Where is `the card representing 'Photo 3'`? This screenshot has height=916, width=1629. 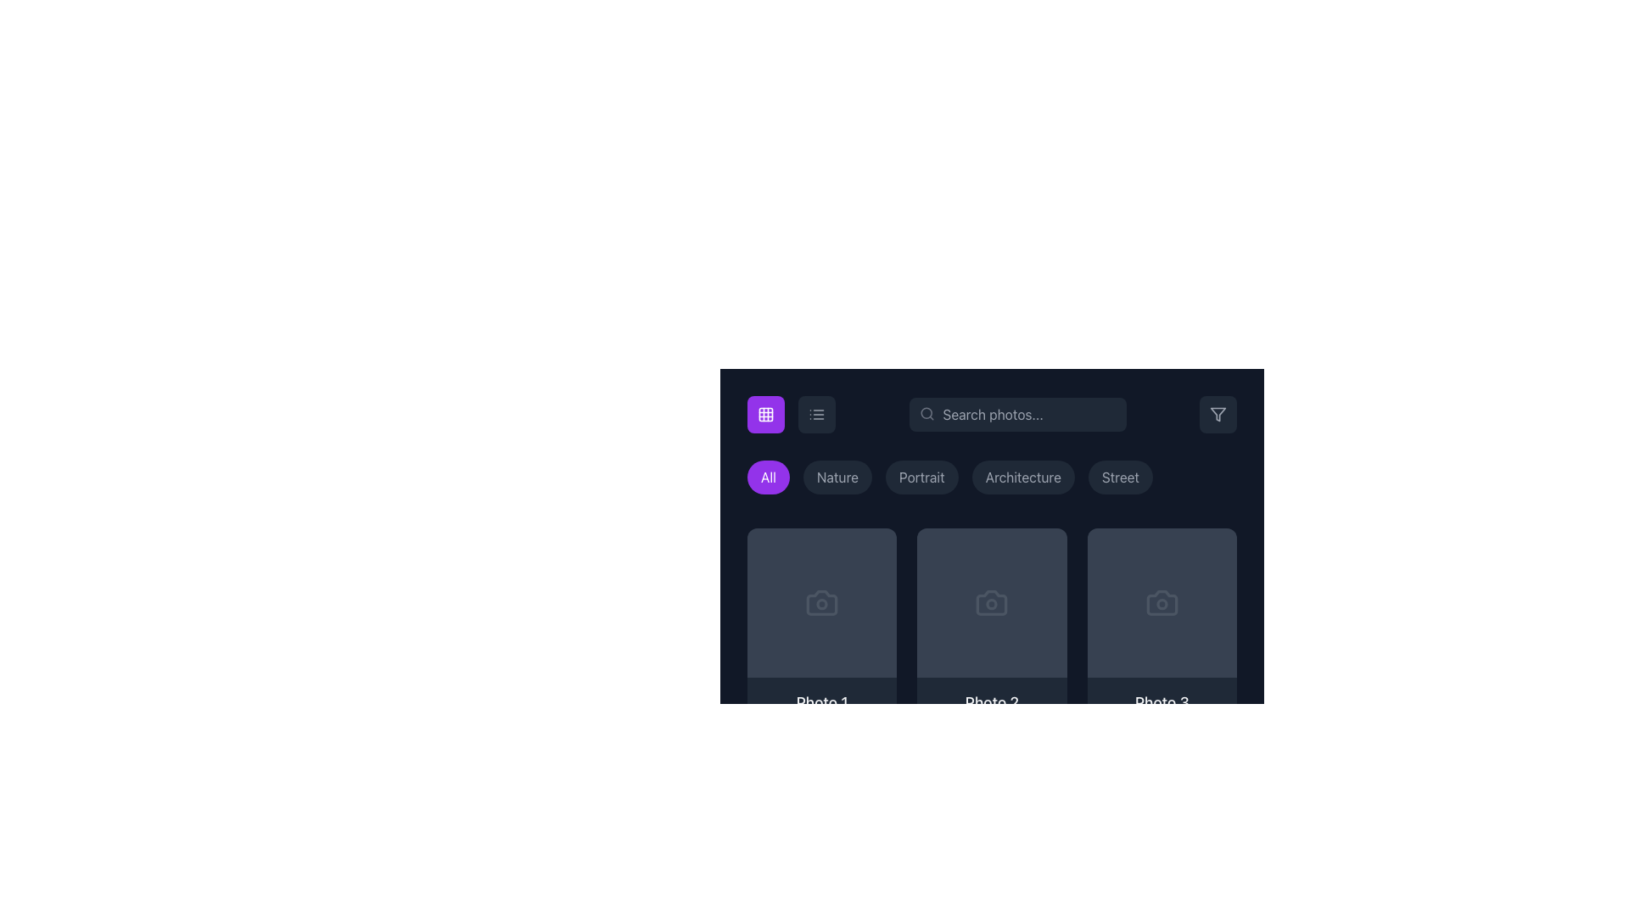 the card representing 'Photo 3' is located at coordinates (1161, 650).